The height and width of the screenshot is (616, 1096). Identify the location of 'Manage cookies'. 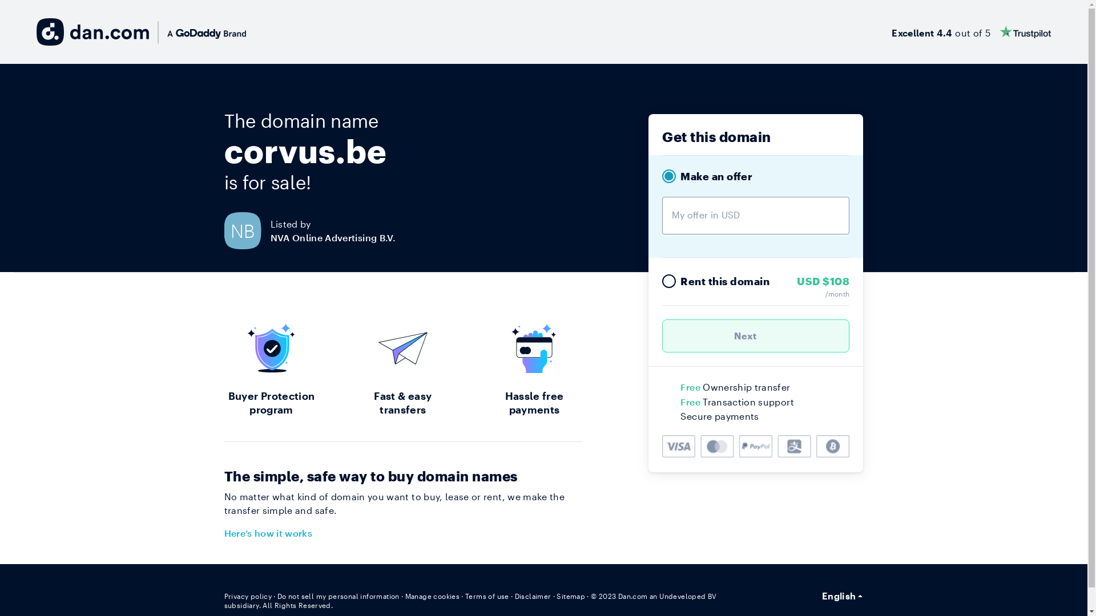
(432, 595).